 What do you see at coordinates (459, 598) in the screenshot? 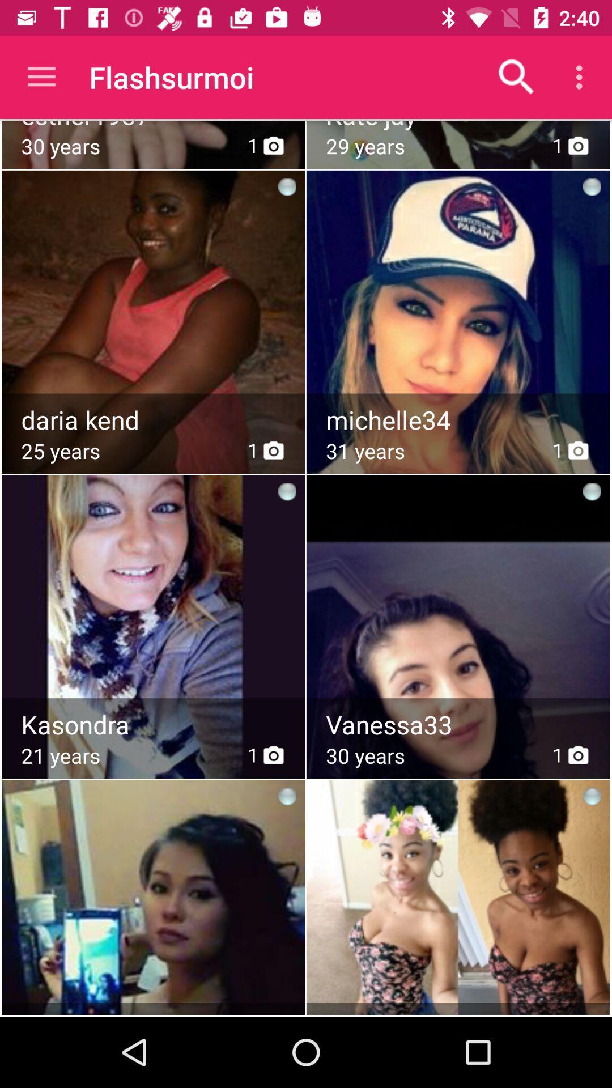
I see `photo` at bounding box center [459, 598].